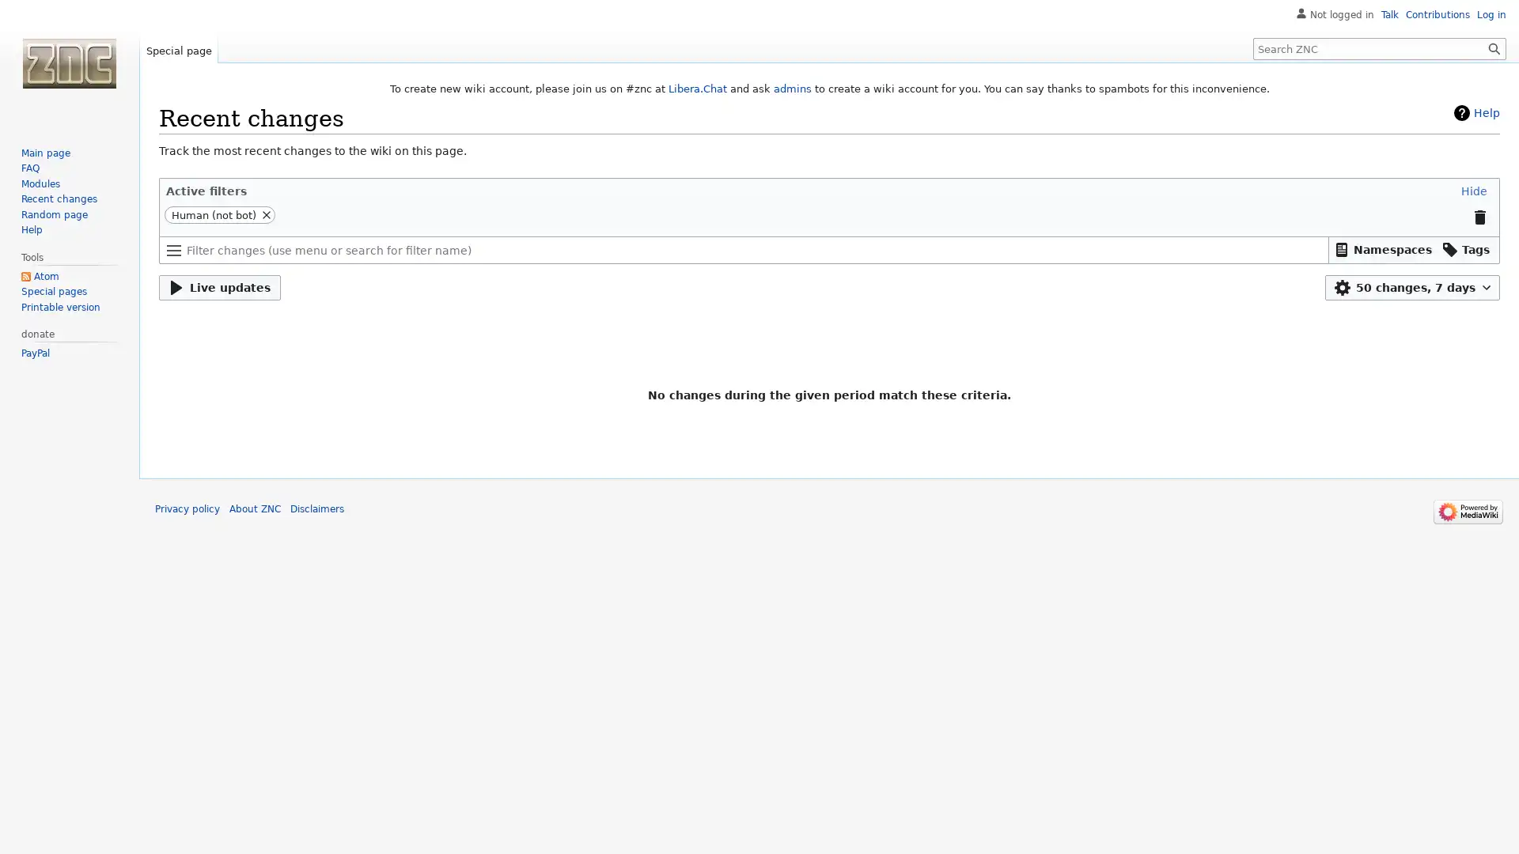  What do you see at coordinates (1494, 47) in the screenshot?
I see `Search` at bounding box center [1494, 47].